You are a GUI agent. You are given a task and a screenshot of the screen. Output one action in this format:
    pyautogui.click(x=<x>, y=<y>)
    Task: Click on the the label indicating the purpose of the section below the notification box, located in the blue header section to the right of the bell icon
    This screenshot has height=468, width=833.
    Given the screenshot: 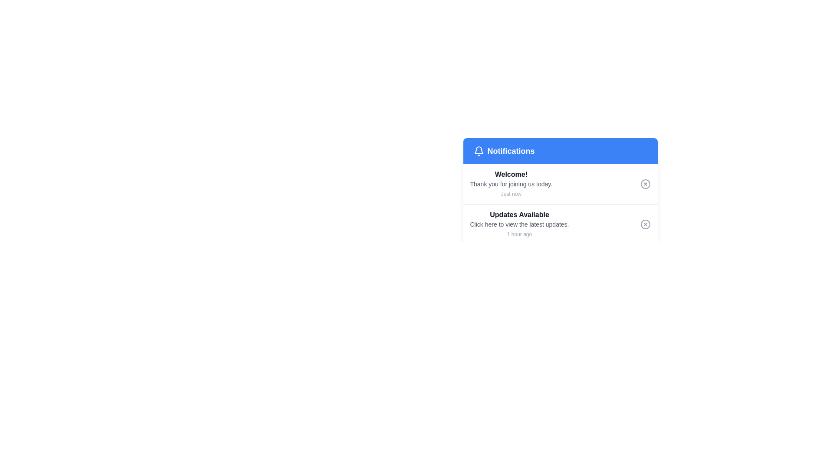 What is the action you would take?
    pyautogui.click(x=511, y=150)
    